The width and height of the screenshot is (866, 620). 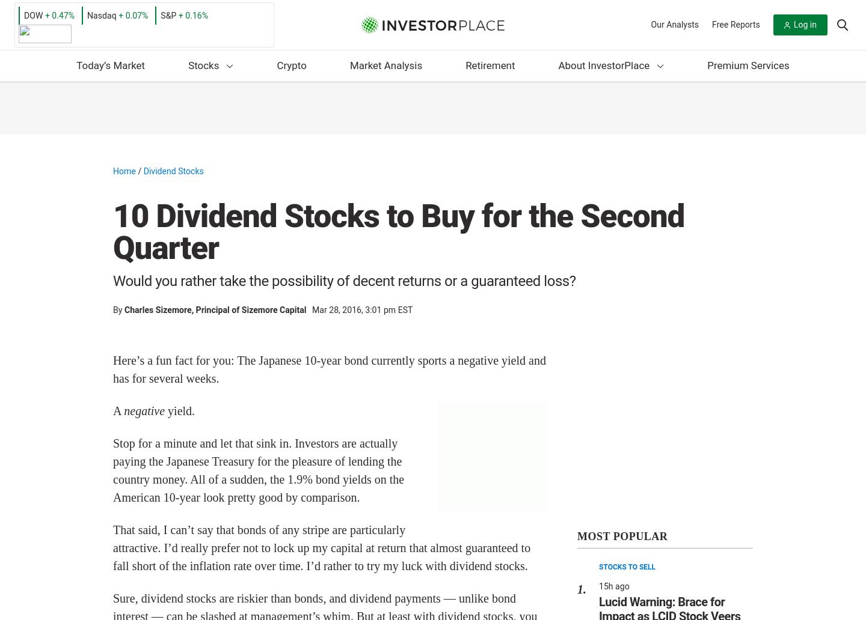 What do you see at coordinates (257, 157) in the screenshot?
I see `'Stocks to Buy'` at bounding box center [257, 157].